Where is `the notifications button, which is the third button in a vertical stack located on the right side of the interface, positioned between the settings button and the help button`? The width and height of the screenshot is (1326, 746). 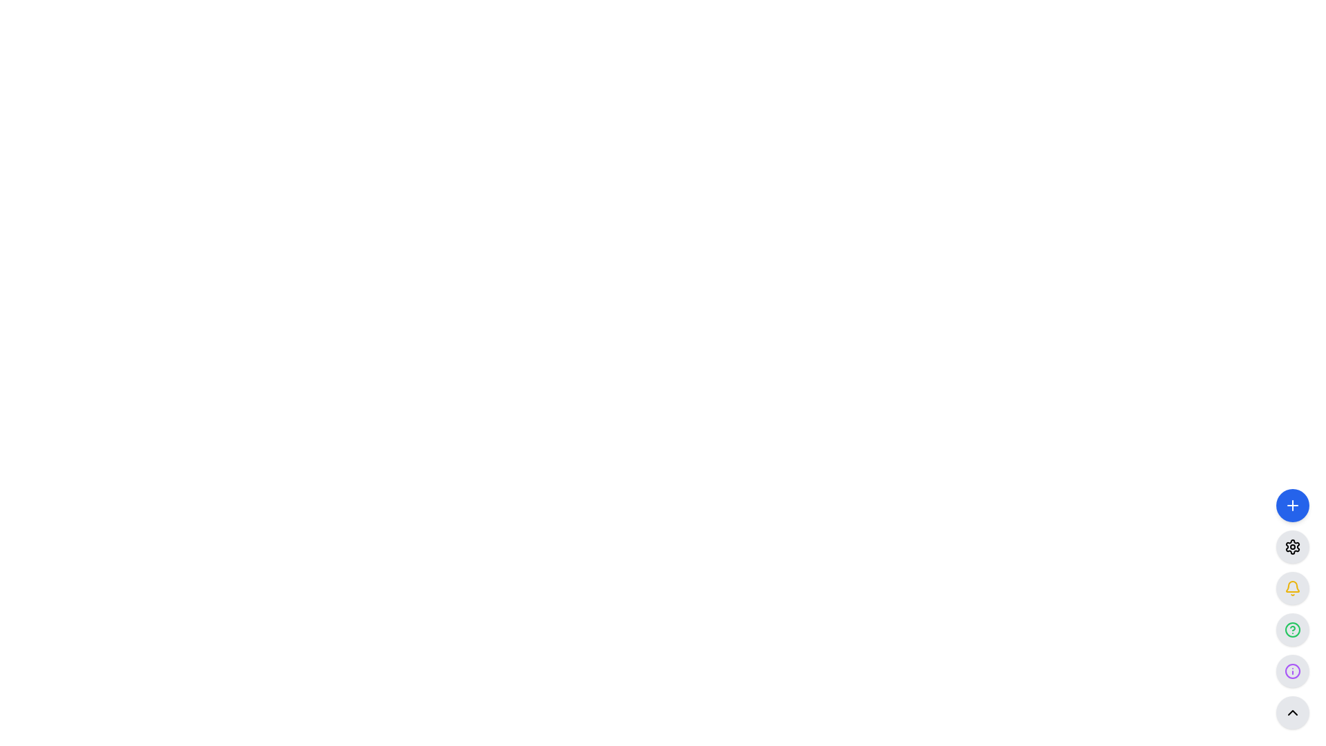 the notifications button, which is the third button in a vertical stack located on the right side of the interface, positioned between the settings button and the help button is located at coordinates (1292, 589).